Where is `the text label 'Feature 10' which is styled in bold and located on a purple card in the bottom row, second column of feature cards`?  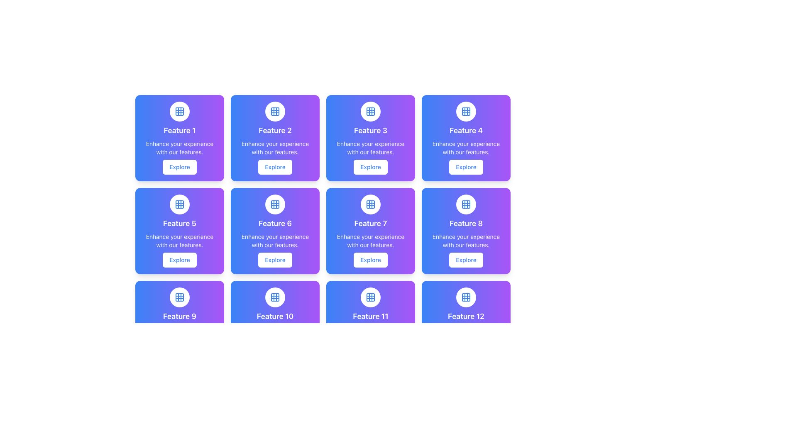
the text label 'Feature 10' which is styled in bold and located on a purple card in the bottom row, second column of feature cards is located at coordinates (275, 317).